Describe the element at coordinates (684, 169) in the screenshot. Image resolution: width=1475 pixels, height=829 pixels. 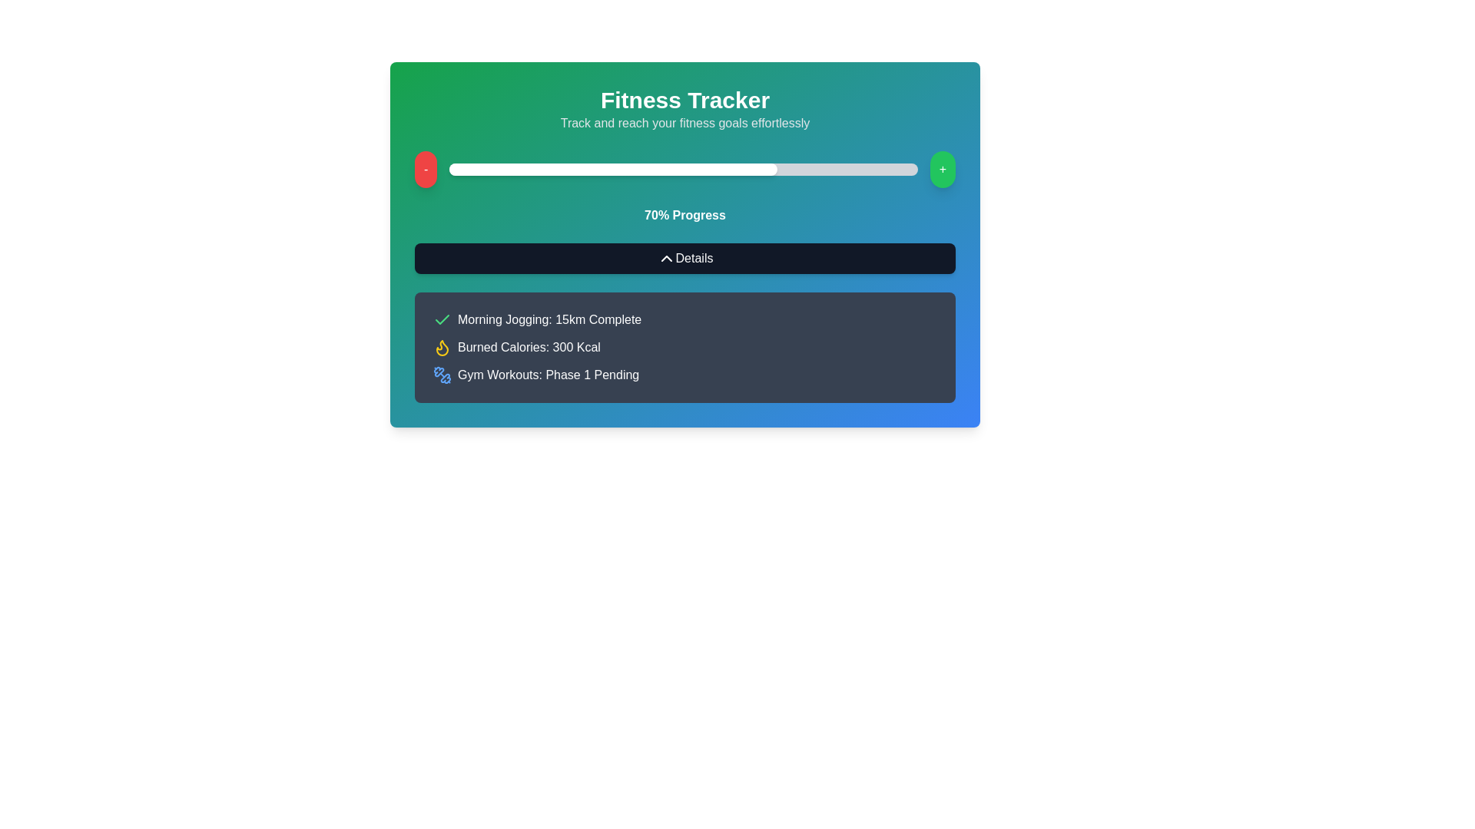
I see `the progress indicator of the horizontal progress bar in the fitness tracking interface` at that location.